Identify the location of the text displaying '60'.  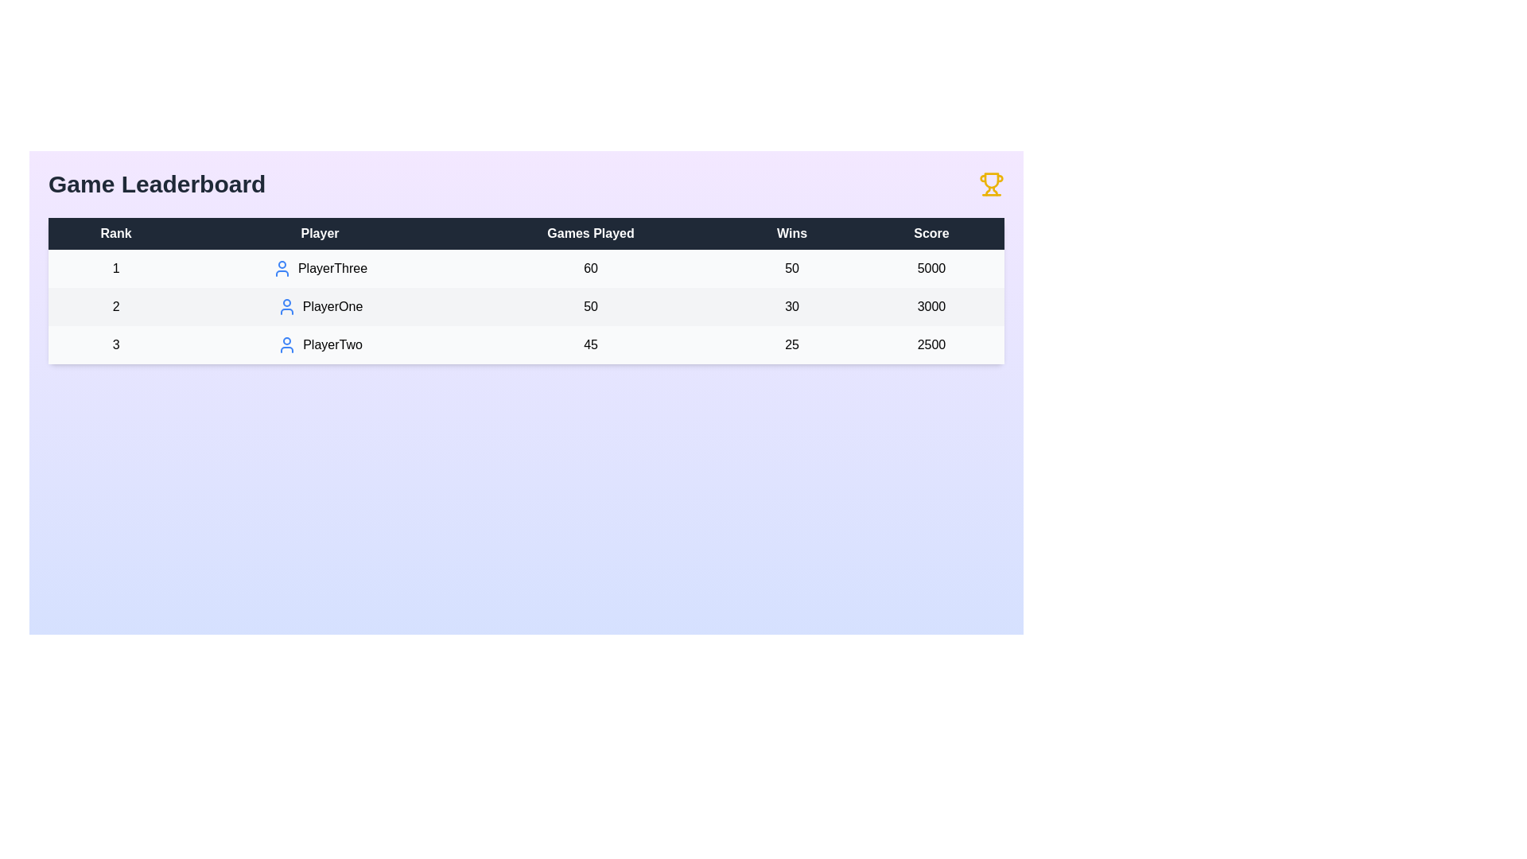
(590, 268).